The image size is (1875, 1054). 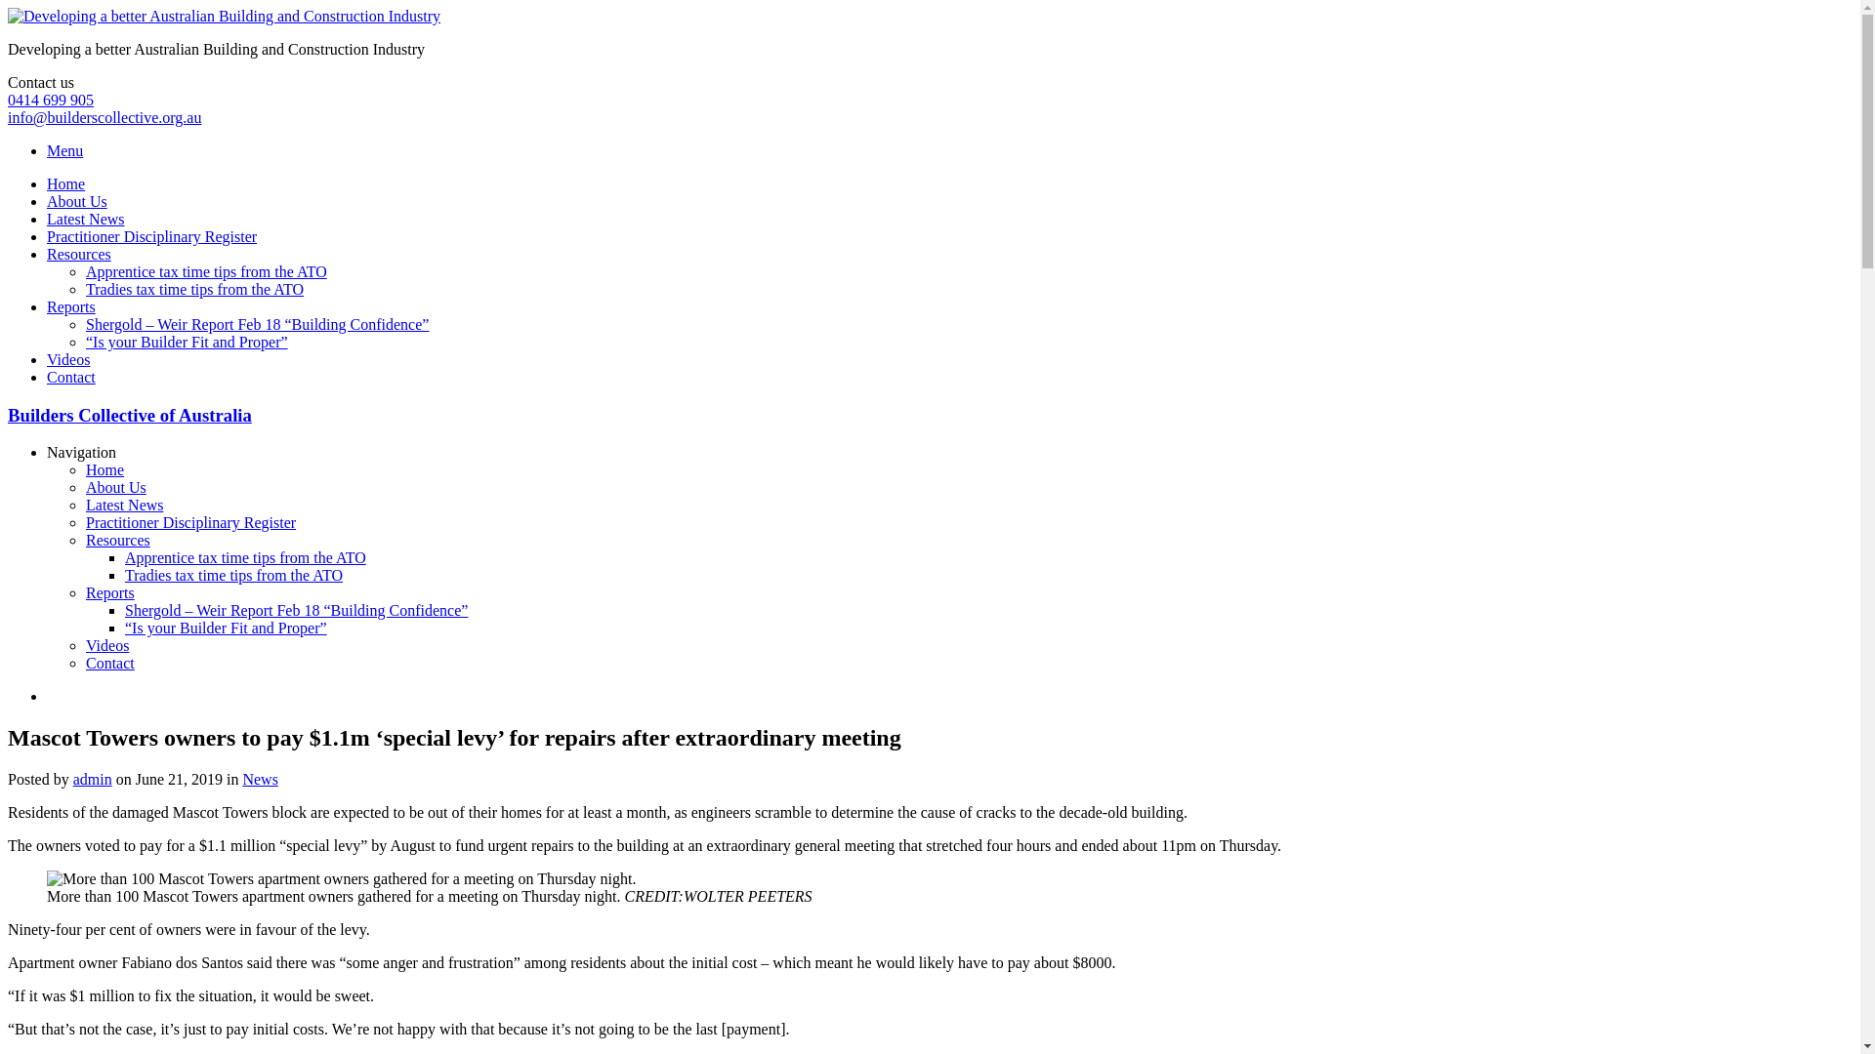 I want to click on 'Videos', so click(x=68, y=359).